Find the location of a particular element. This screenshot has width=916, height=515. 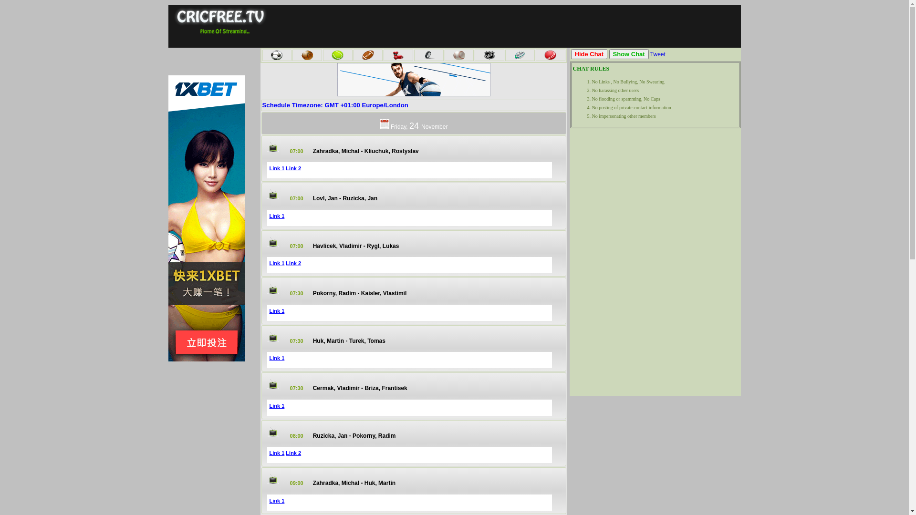

'Lovl, Jan - Ruzicka, Jan' is located at coordinates (344, 198).